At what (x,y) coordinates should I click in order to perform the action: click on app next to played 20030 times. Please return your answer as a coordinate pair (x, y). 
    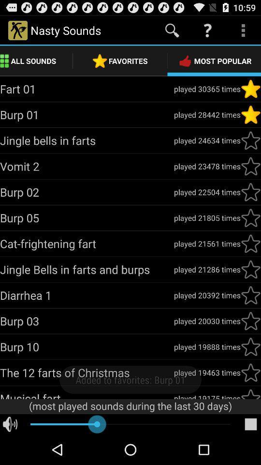
    Looking at the image, I should click on (87, 321).